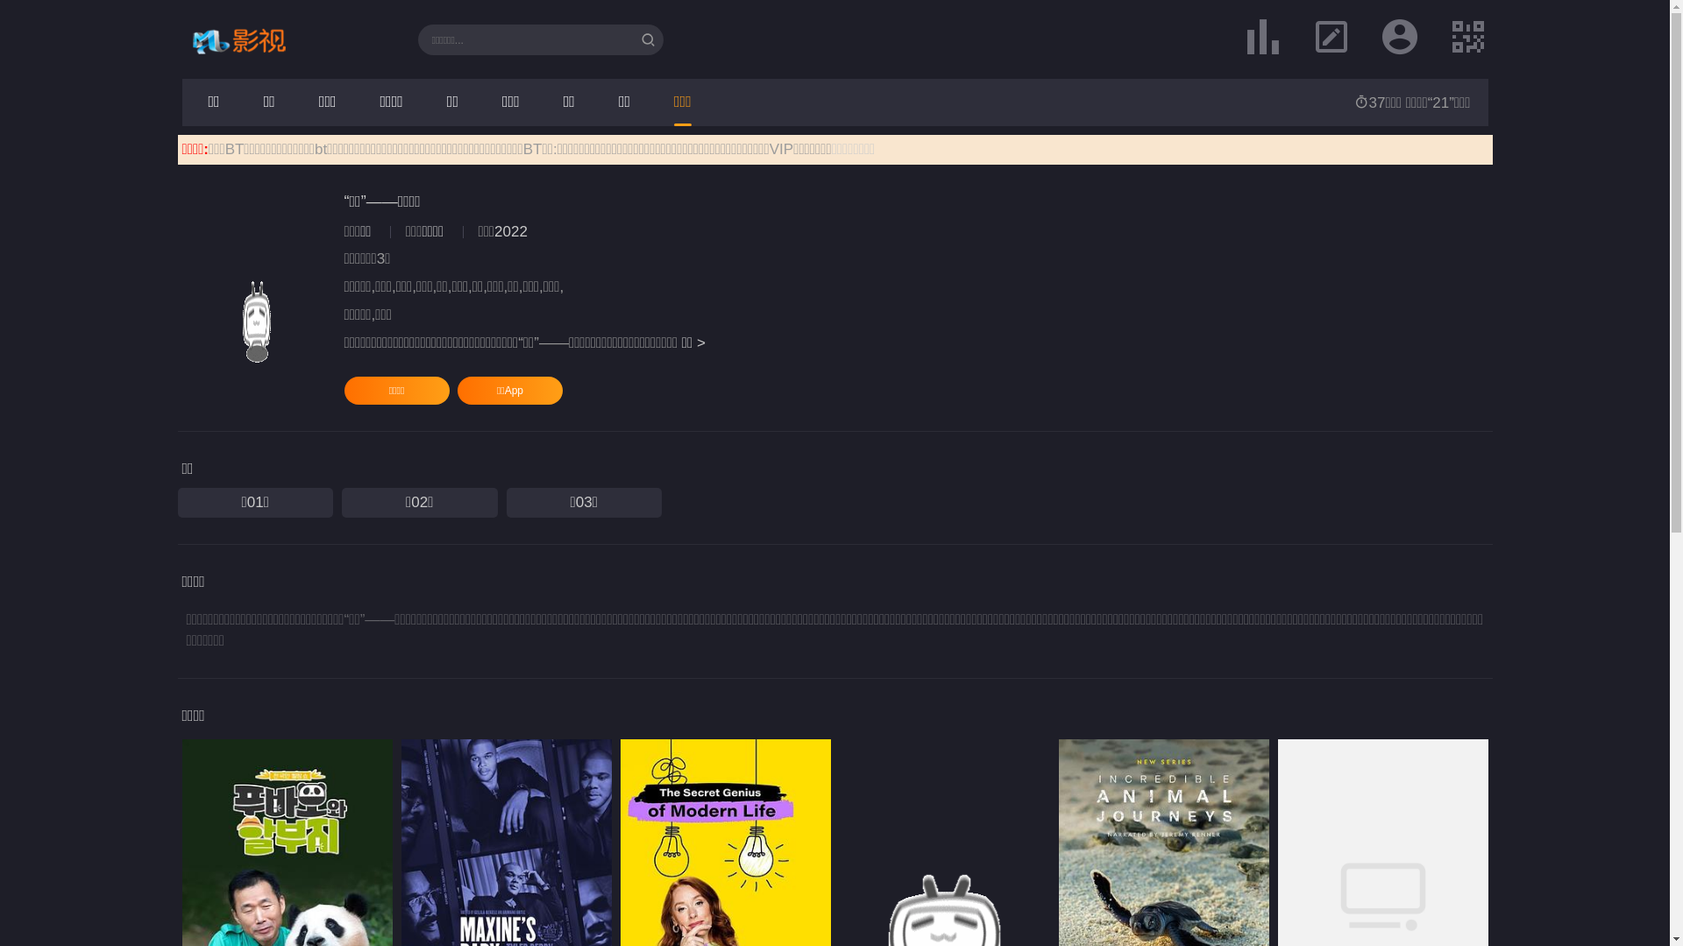 The width and height of the screenshot is (1683, 946). Describe the element at coordinates (509, 230) in the screenshot. I see `'2022'` at that location.